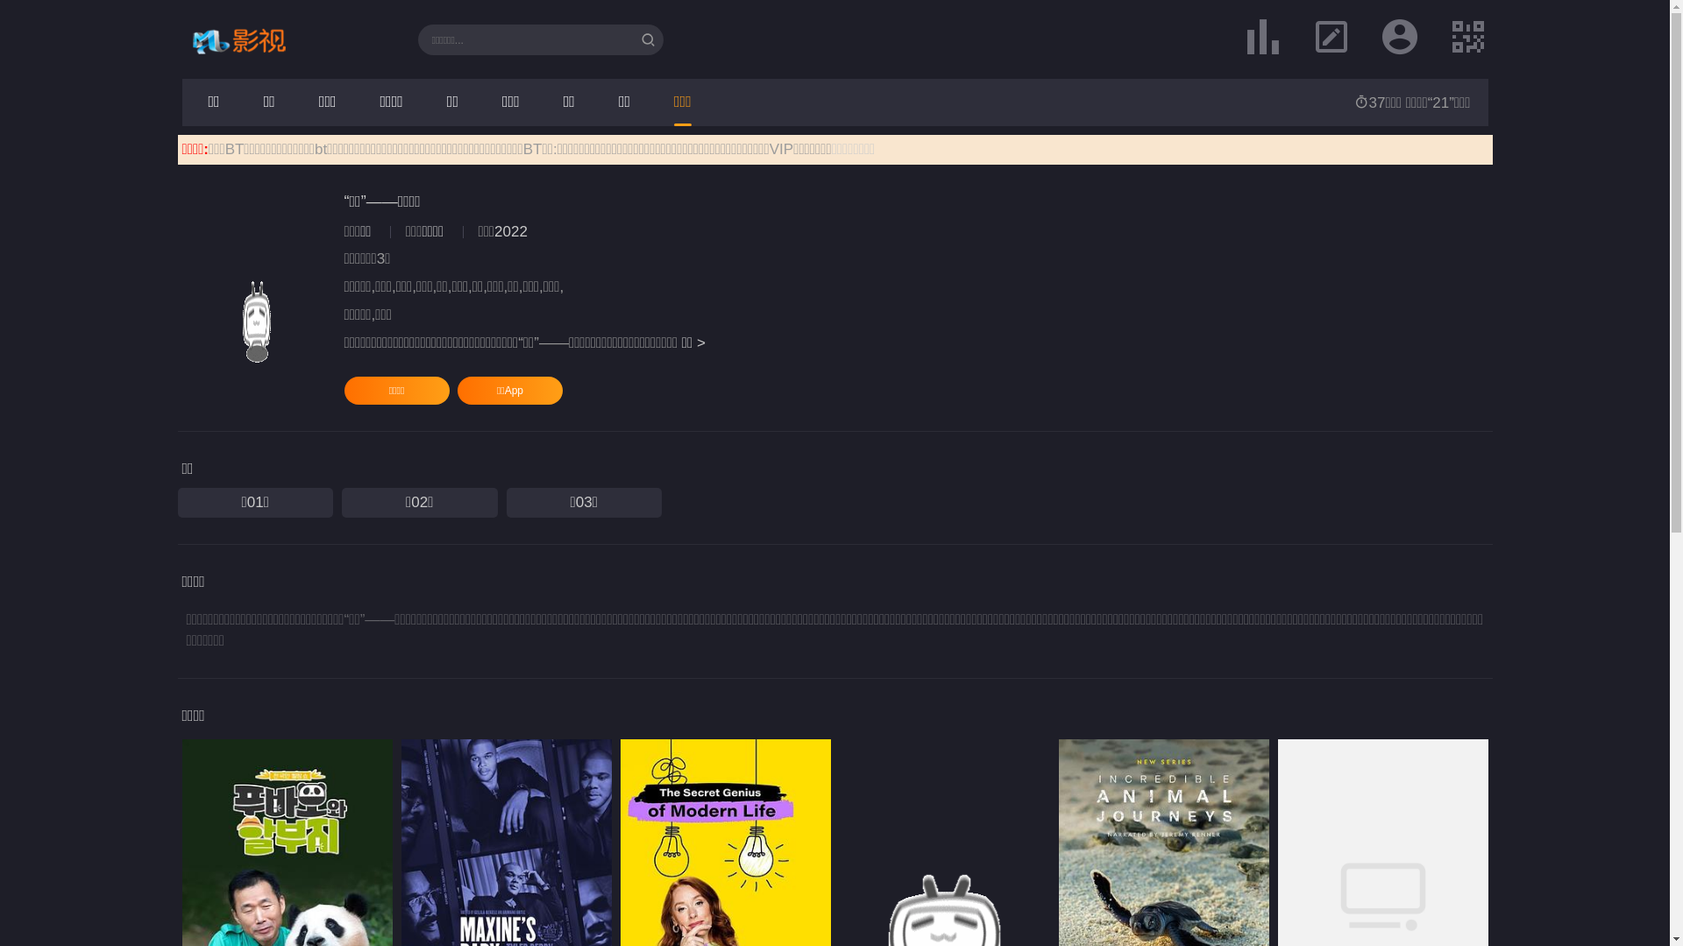 The width and height of the screenshot is (1683, 946). Describe the element at coordinates (509, 230) in the screenshot. I see `'2022'` at that location.